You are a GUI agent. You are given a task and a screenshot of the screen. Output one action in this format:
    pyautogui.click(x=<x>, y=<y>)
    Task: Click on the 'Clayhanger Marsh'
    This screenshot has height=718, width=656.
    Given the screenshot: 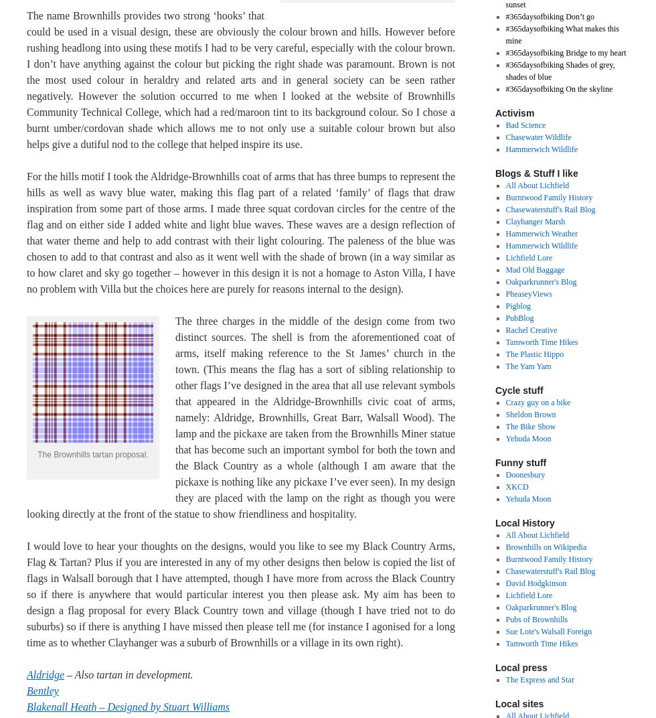 What is the action you would take?
    pyautogui.click(x=535, y=221)
    